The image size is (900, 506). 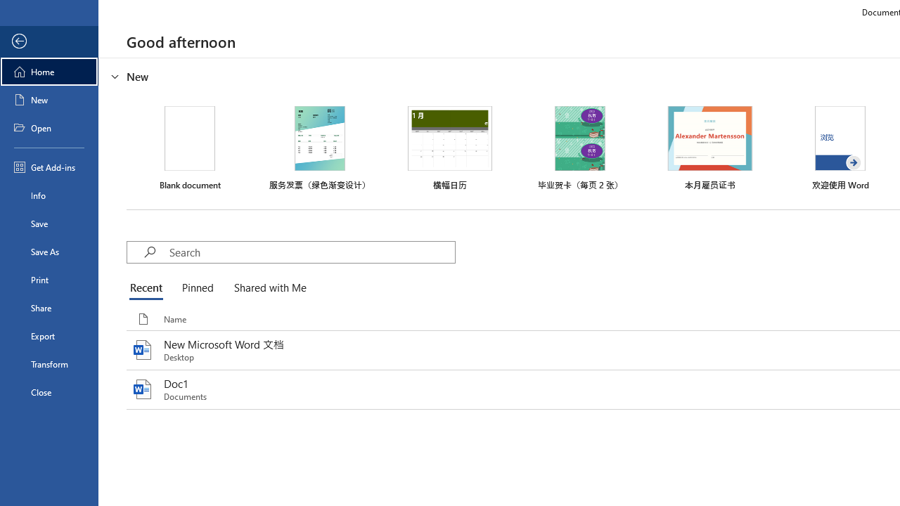 I want to click on 'Save As', so click(x=49, y=250).